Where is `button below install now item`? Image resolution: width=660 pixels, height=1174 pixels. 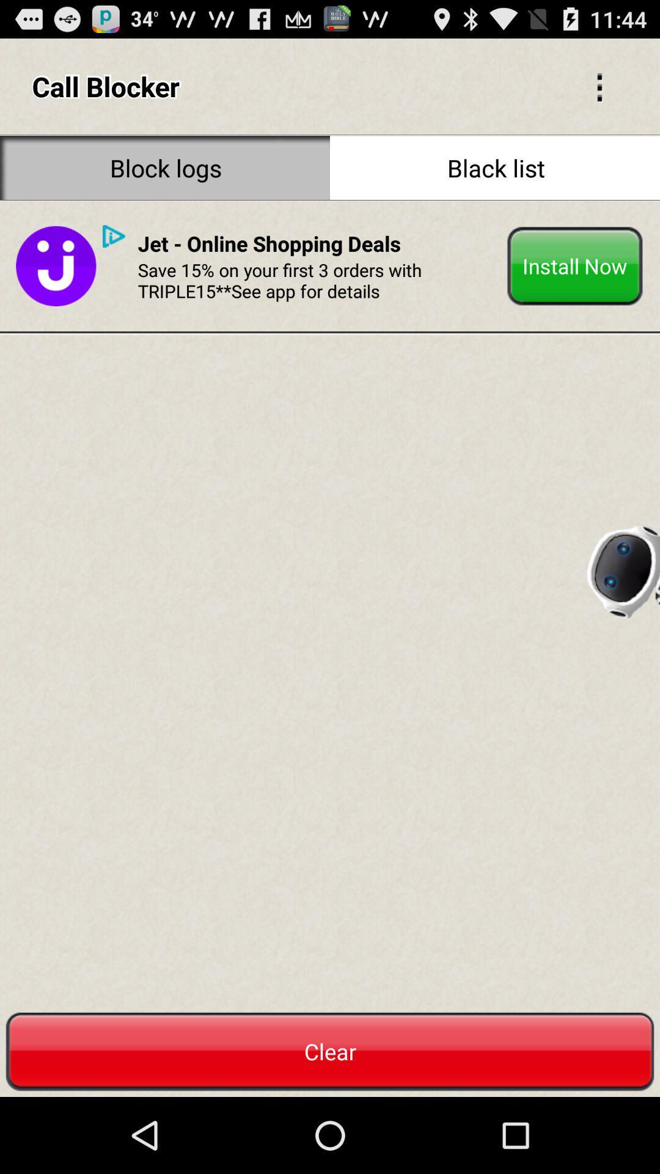 button below install now item is located at coordinates (622, 567).